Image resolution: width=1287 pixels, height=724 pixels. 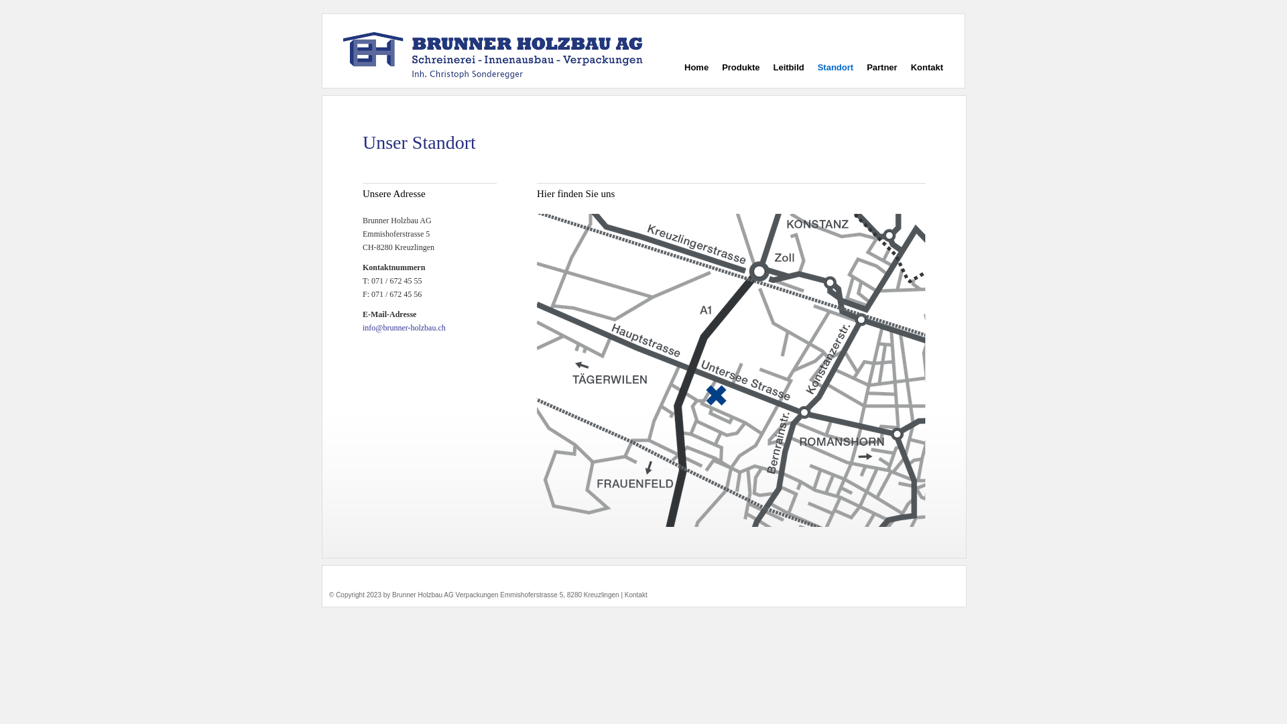 What do you see at coordinates (788, 67) in the screenshot?
I see `'Leitbild'` at bounding box center [788, 67].